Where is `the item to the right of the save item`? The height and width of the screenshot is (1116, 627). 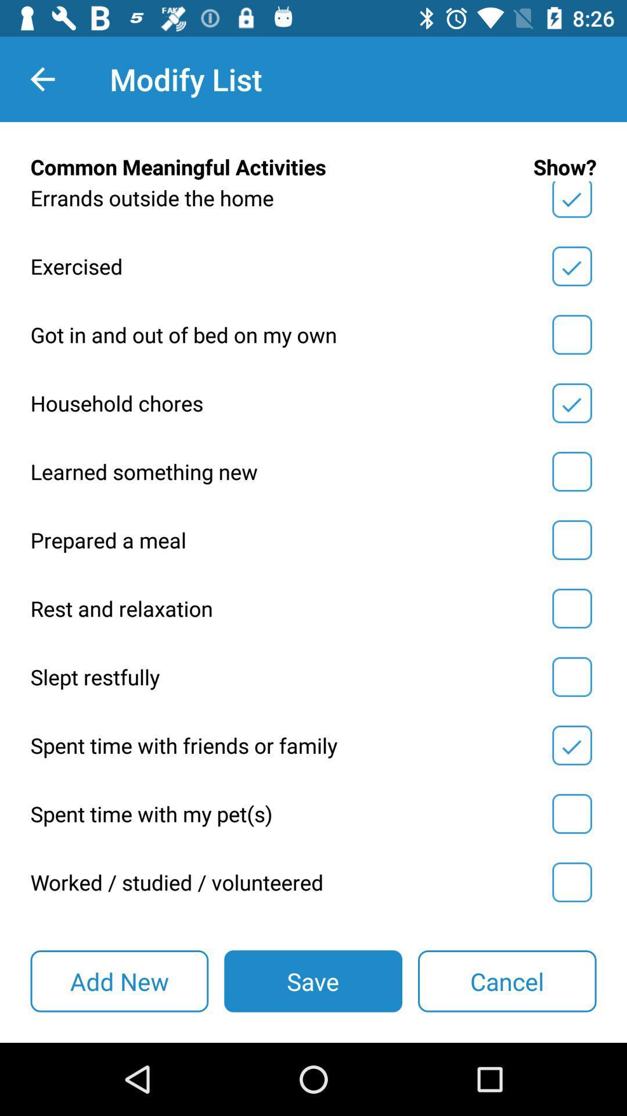
the item to the right of the save item is located at coordinates (506, 981).